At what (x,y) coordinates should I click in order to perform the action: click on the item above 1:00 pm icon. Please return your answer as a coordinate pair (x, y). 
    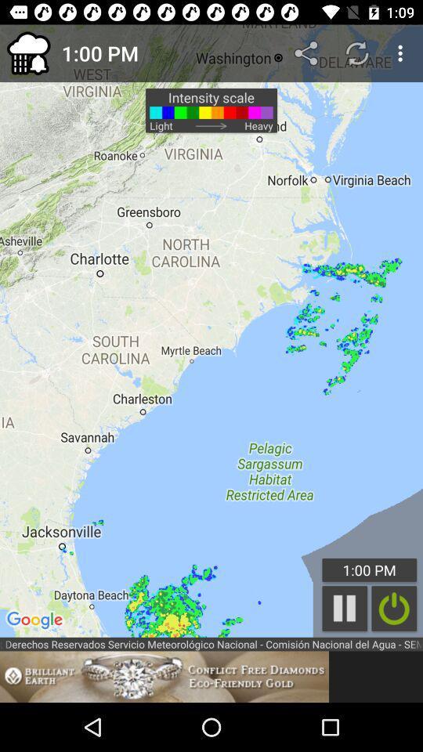
    Looking at the image, I should click on (356, 53).